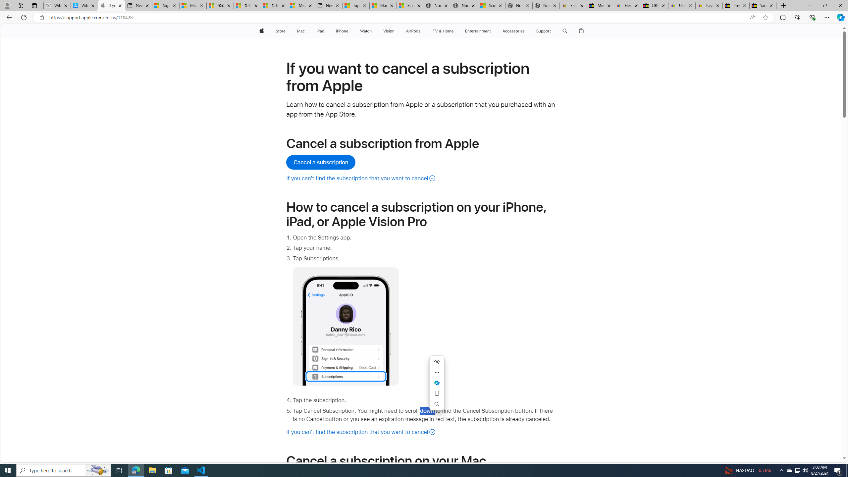  I want to click on 'Hide menu', so click(437, 361).